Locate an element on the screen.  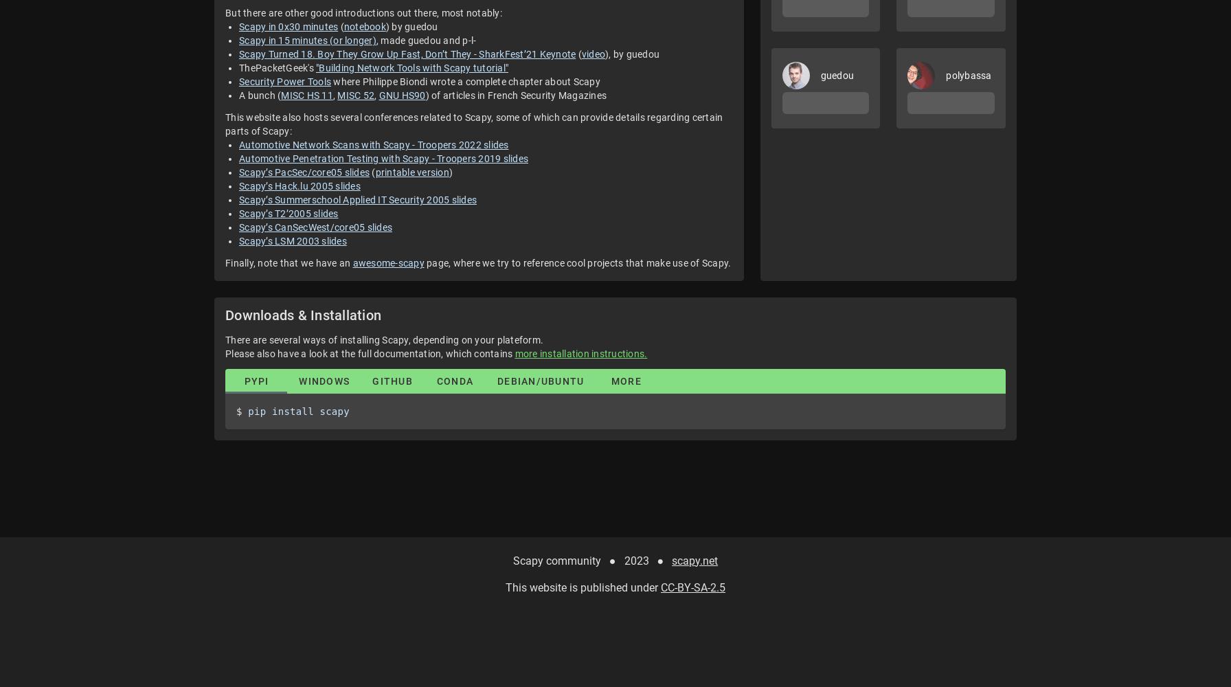
'More' is located at coordinates (626, 381).